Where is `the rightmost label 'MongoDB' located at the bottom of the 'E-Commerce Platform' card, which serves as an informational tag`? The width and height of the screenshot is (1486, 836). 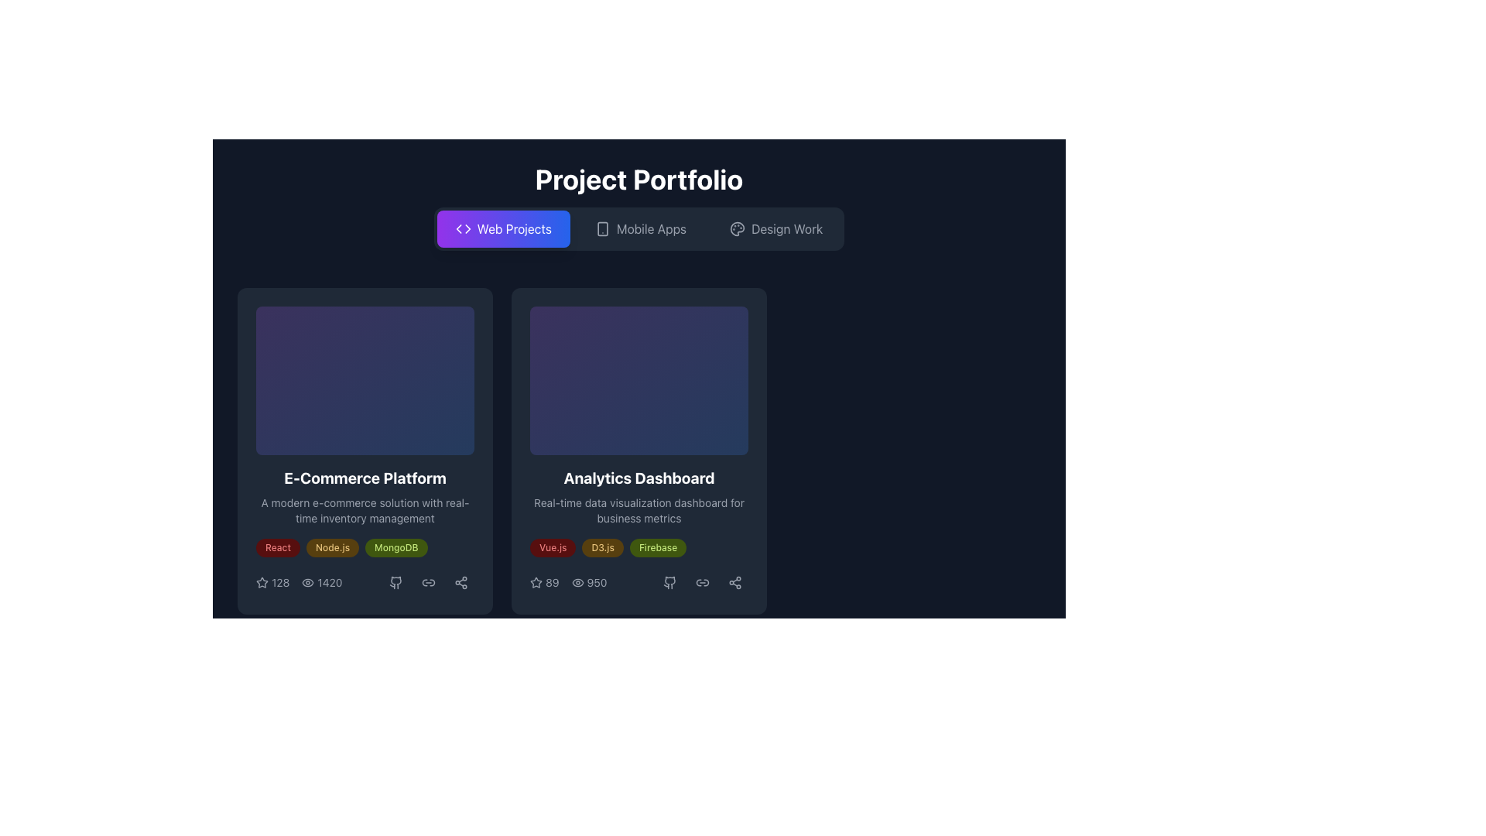 the rightmost label 'MongoDB' located at the bottom of the 'E-Commerce Platform' card, which serves as an informational tag is located at coordinates (396, 547).